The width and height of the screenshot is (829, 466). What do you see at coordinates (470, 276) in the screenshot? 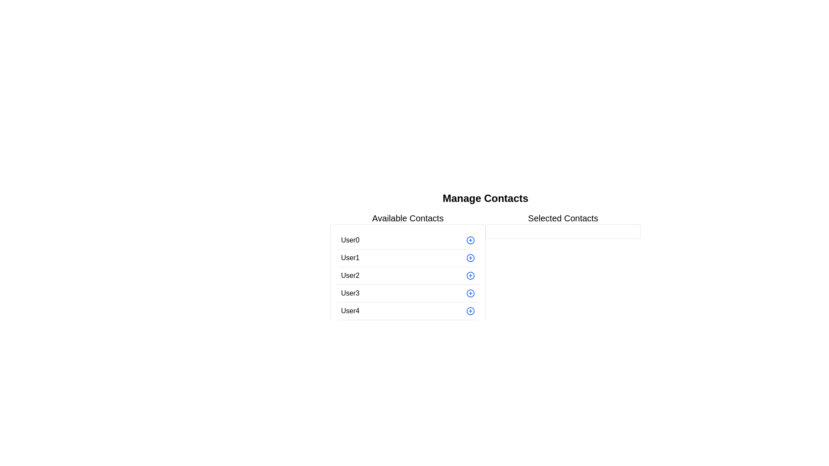
I see `the '+' icon in the third row of the 'Available Contacts' list` at bounding box center [470, 276].